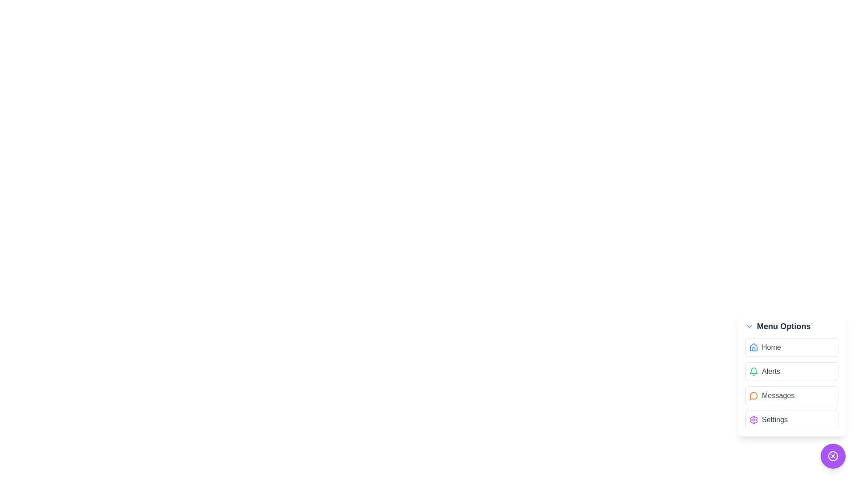 Image resolution: width=860 pixels, height=483 pixels. I want to click on the title text of the dropdown menu, so click(791, 326).